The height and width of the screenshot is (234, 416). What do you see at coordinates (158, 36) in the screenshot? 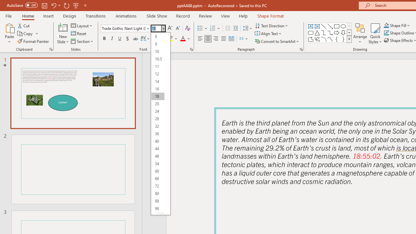
I see `'8'` at bounding box center [158, 36].